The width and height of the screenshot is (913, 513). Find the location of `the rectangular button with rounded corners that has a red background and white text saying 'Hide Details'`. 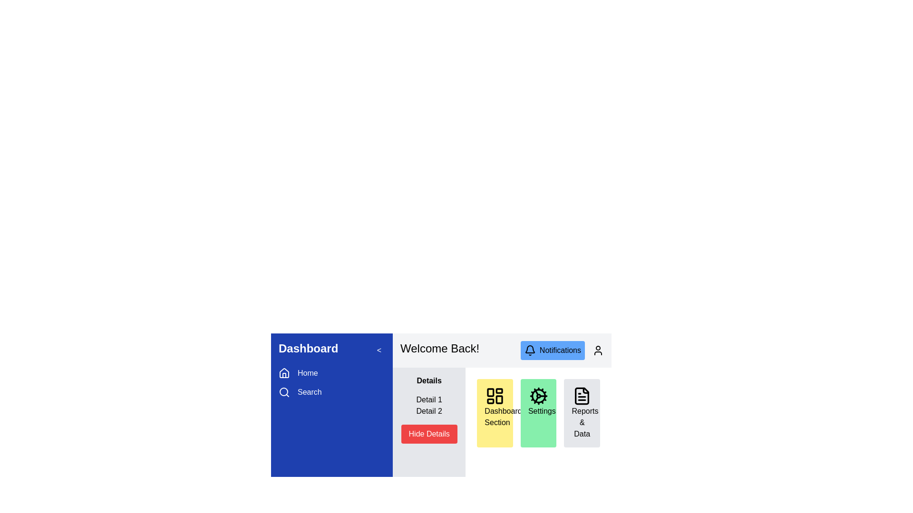

the rectangular button with rounded corners that has a red background and white text saying 'Hide Details' is located at coordinates (428, 434).